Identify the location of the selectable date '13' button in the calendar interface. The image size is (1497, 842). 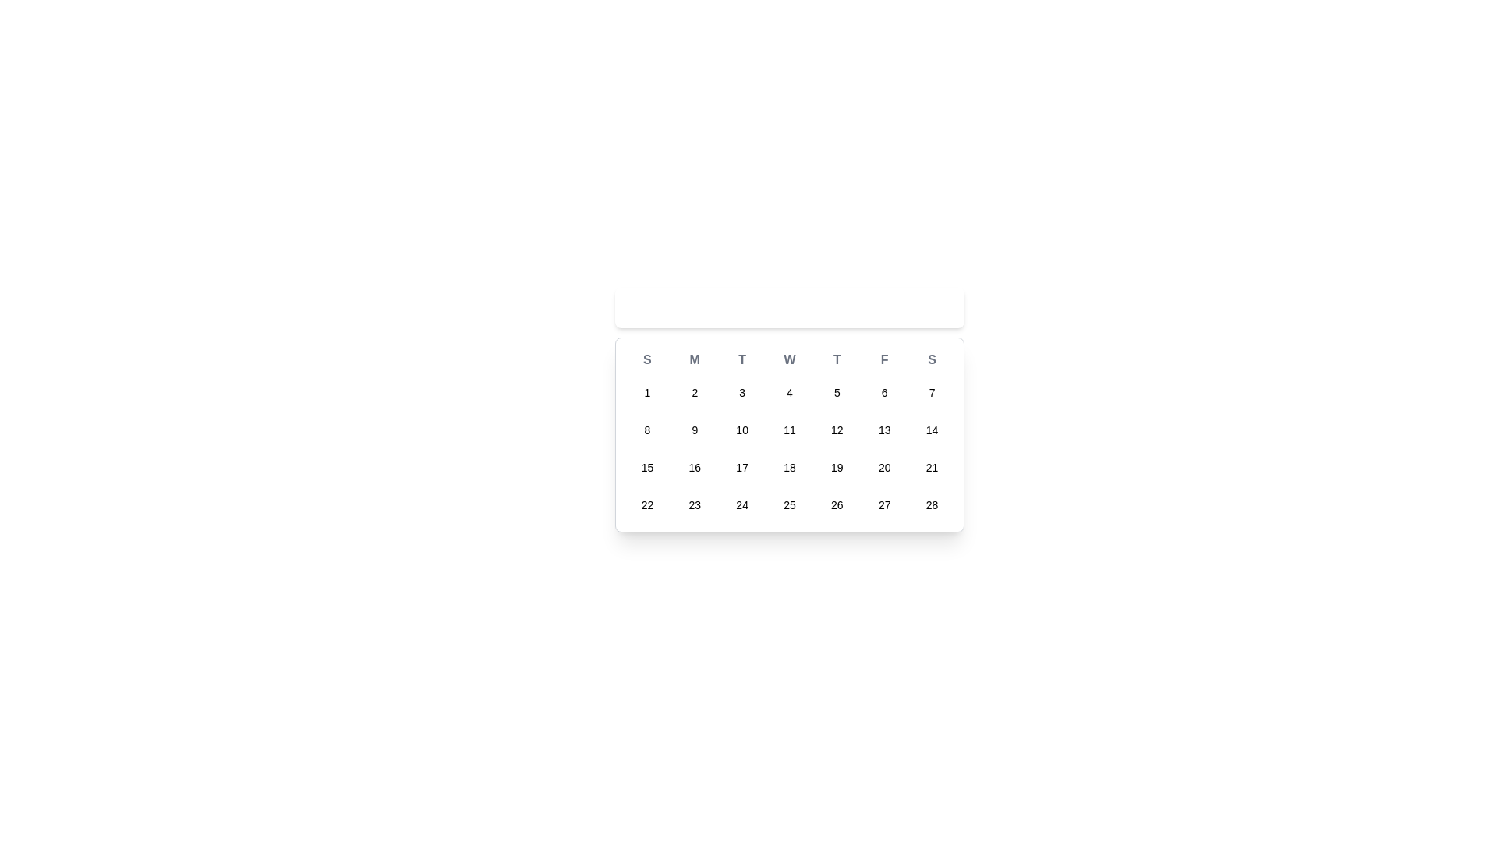
(884, 430).